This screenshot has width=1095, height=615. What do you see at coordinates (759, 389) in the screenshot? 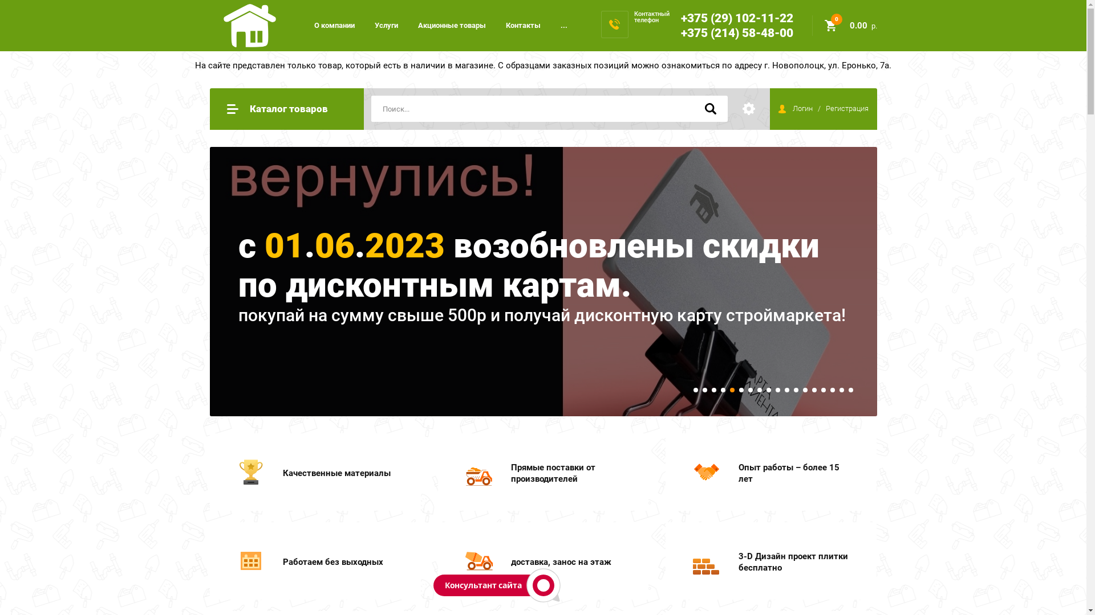
I see `'8'` at bounding box center [759, 389].